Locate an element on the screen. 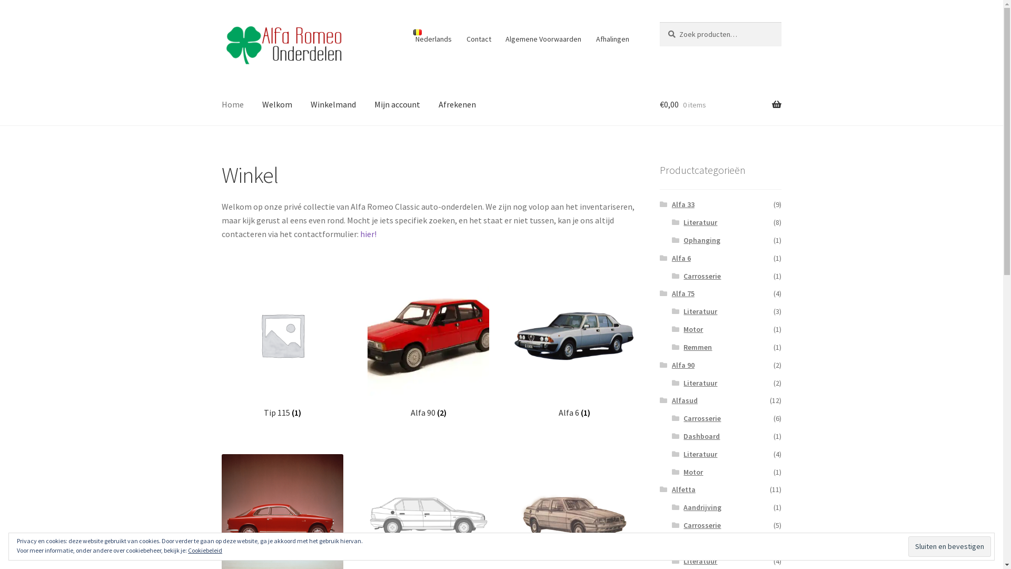 This screenshot has height=569, width=1011. 'Skip to navigation' is located at coordinates (221, 22).